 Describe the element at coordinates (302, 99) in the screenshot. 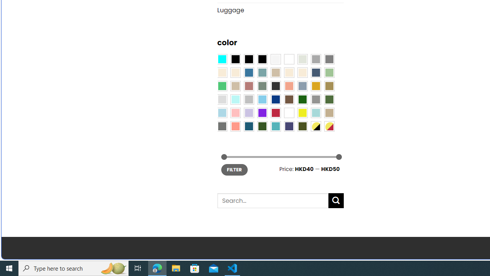

I see `'Dark Green'` at that location.